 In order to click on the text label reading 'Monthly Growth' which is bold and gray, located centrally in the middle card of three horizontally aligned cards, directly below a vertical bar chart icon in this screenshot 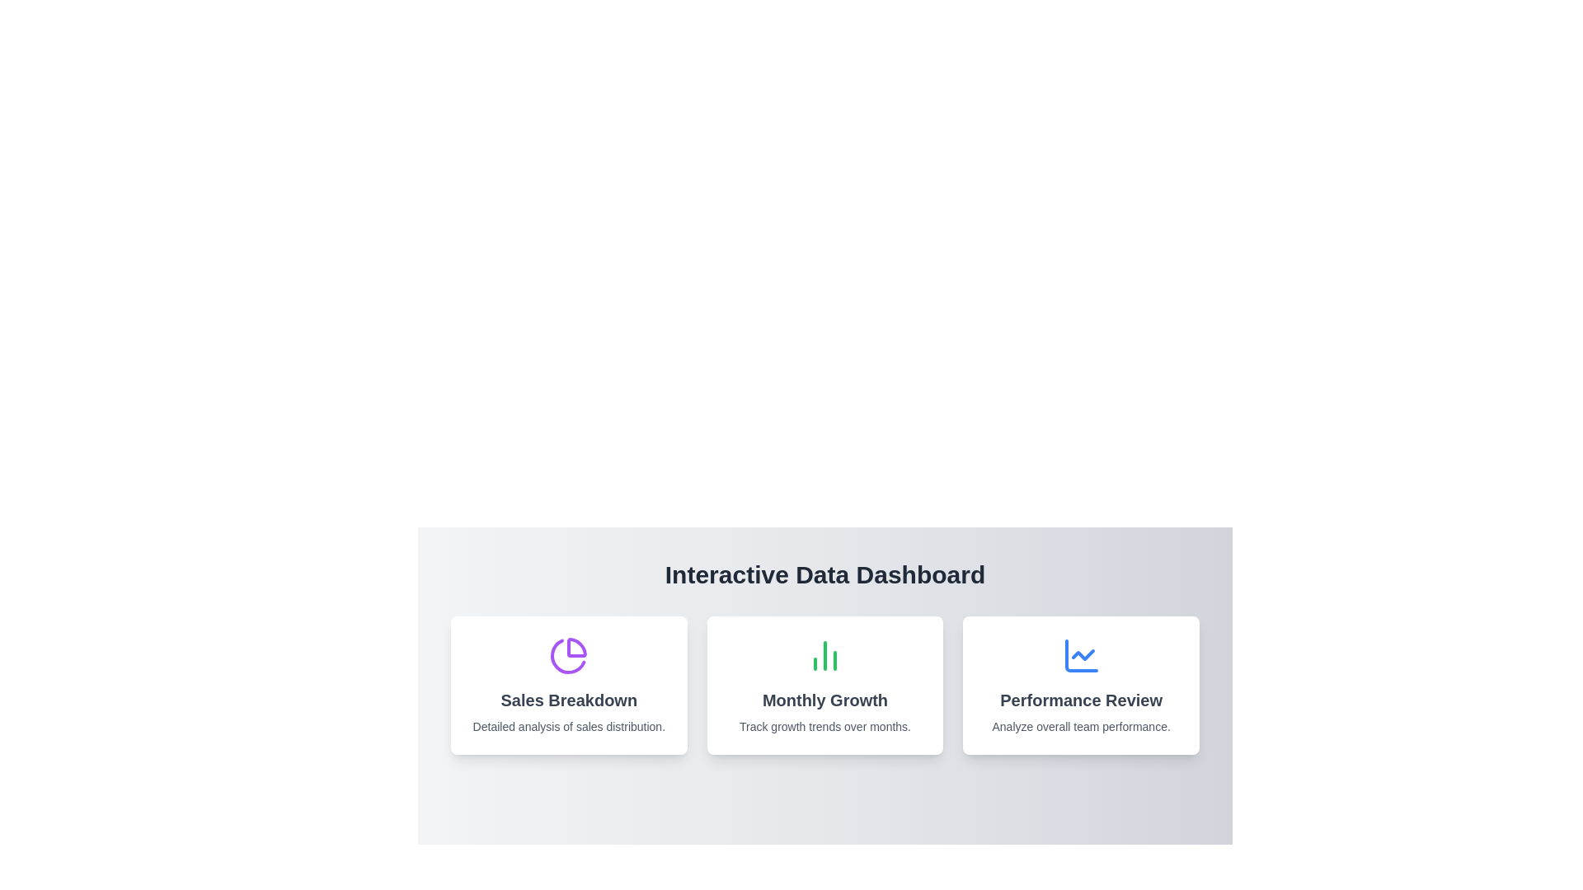, I will do `click(824, 700)`.